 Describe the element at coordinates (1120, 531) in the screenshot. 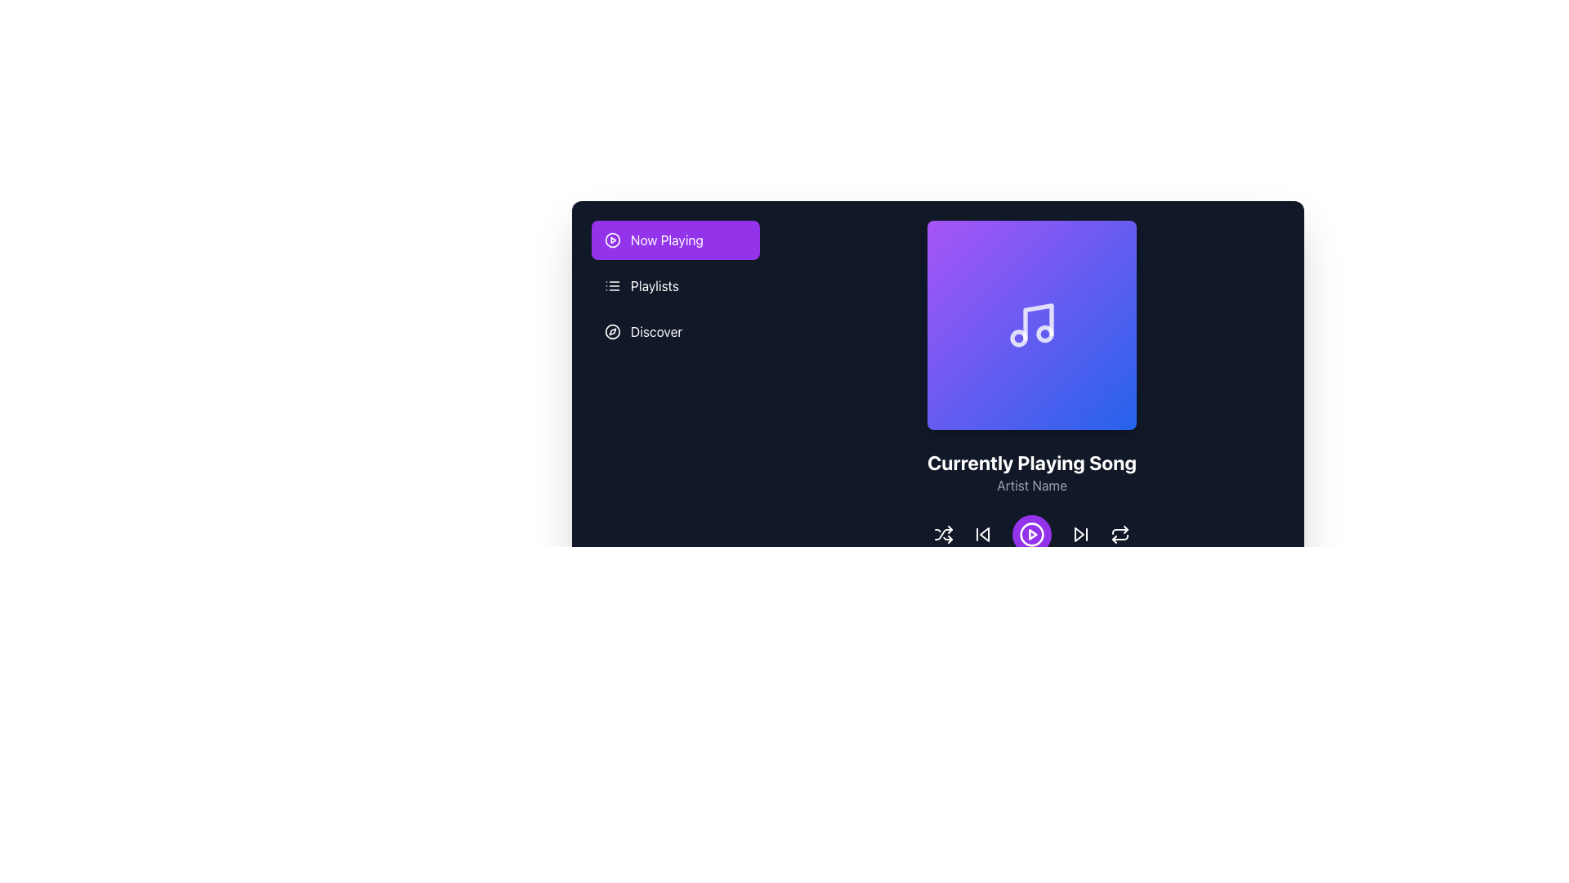

I see `the curved line icon element within the SVG graphic located at the bottom-right corner of the interface, which is part of a repeat-related icon with rounded strokes` at that location.